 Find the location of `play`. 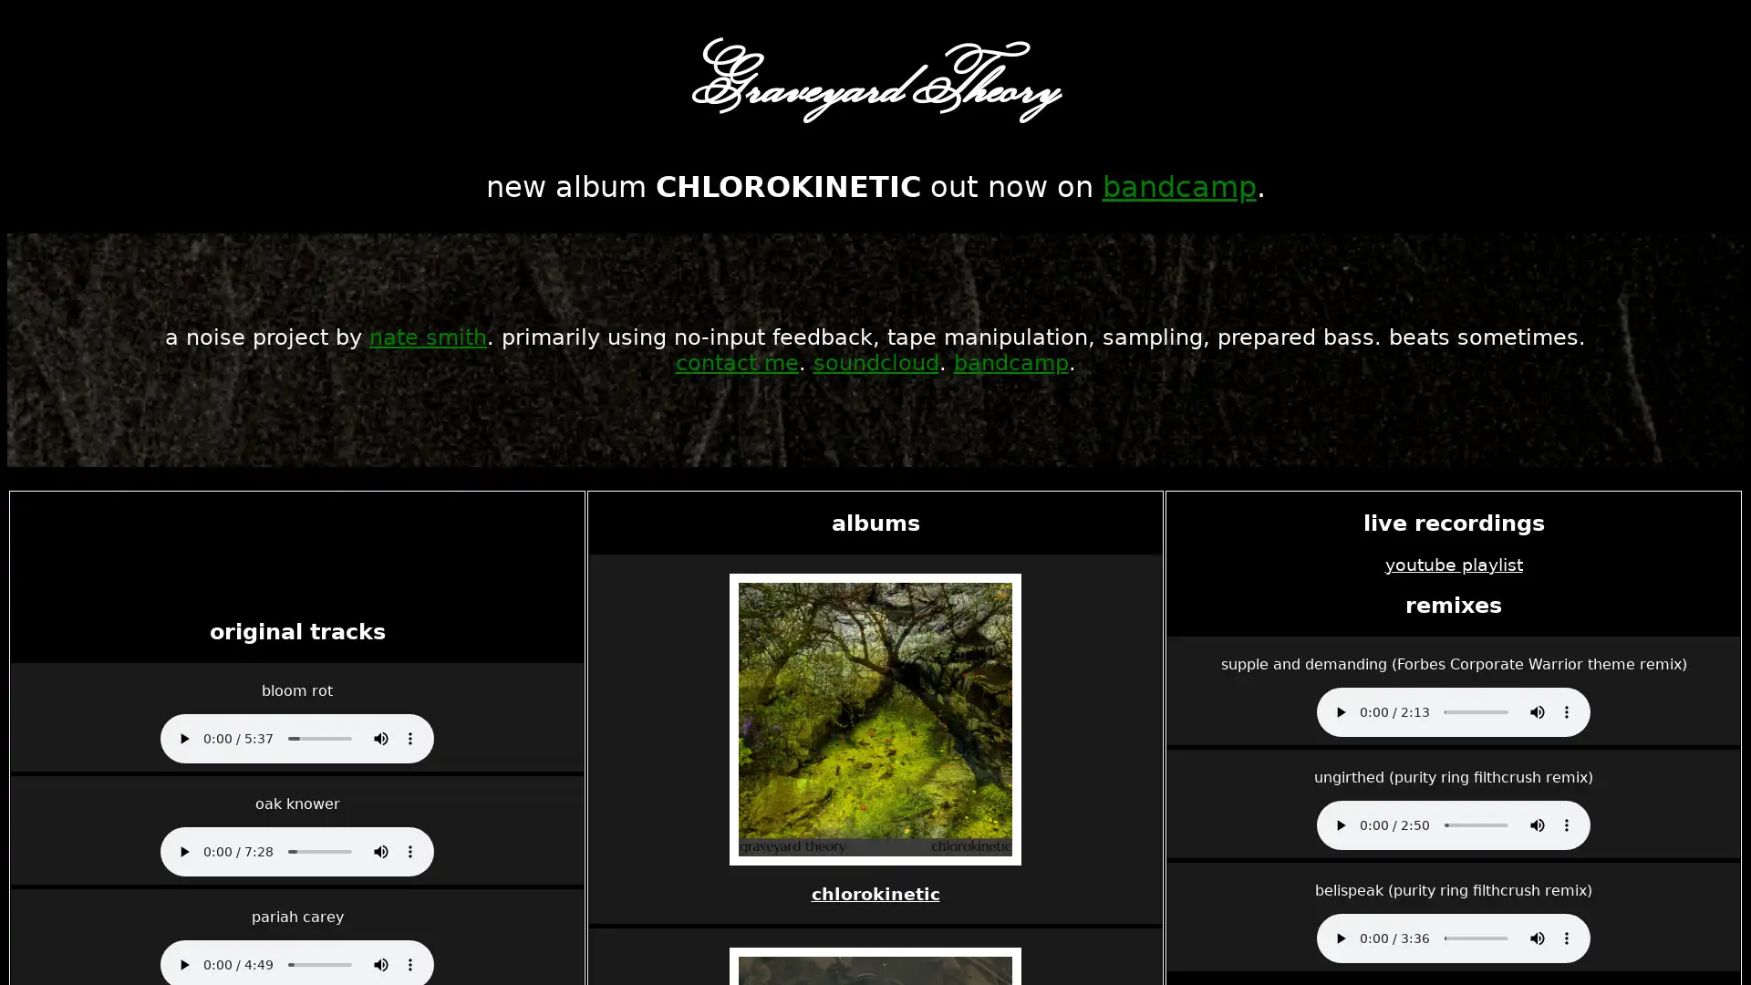

play is located at coordinates (1340, 825).